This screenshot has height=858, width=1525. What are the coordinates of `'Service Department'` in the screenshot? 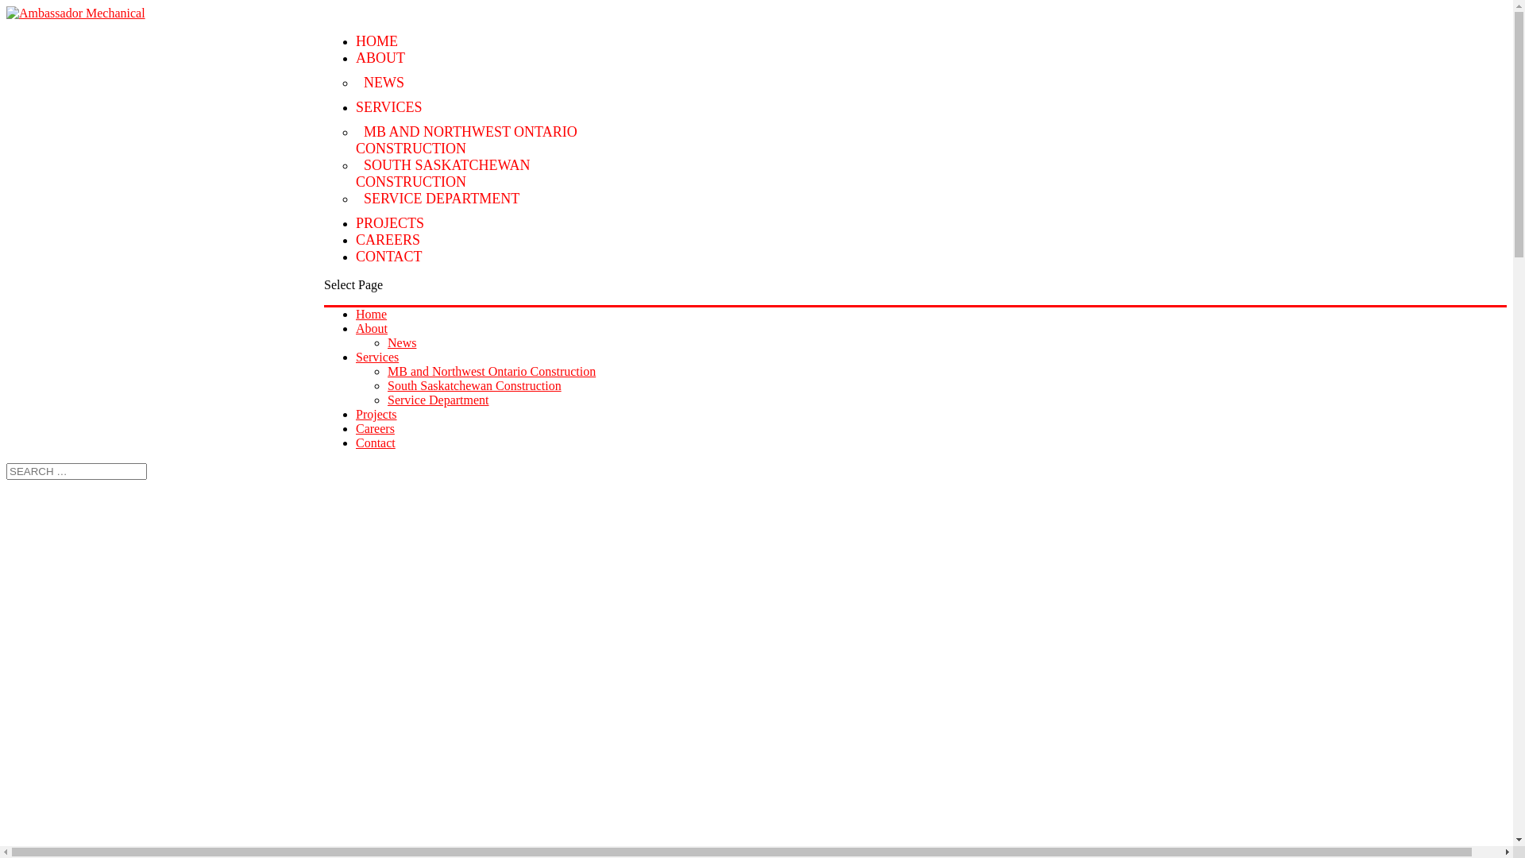 It's located at (438, 399).